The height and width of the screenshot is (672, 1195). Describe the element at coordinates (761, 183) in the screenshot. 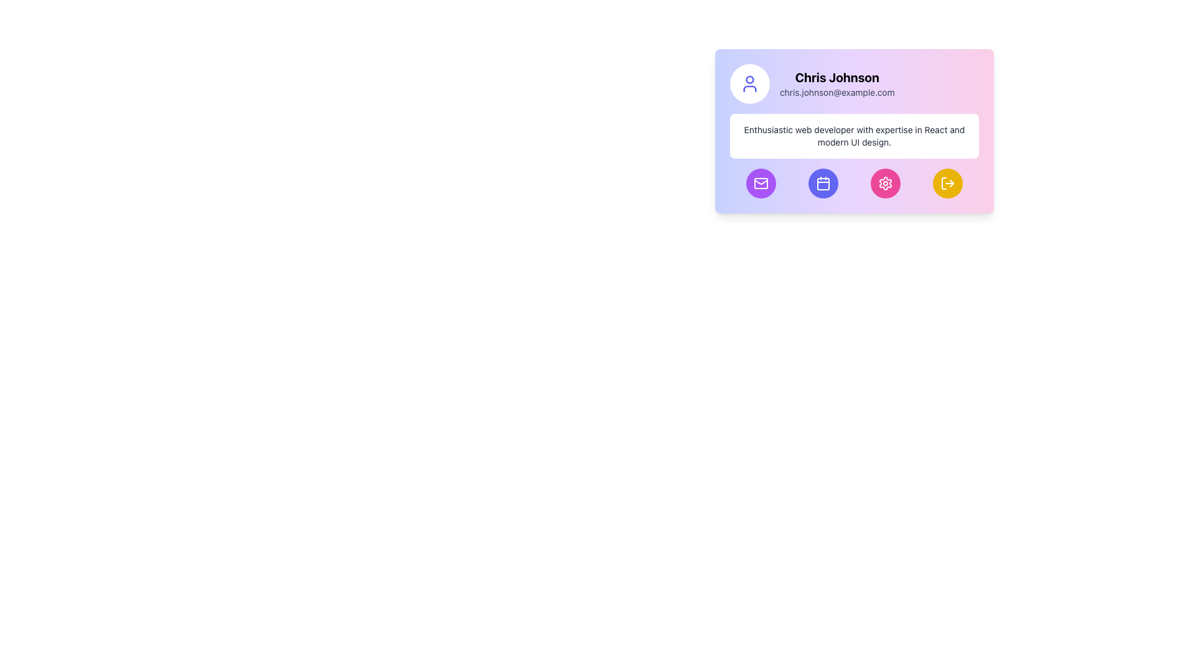

I see `the circular button with a purple background and a white mail icon` at that location.